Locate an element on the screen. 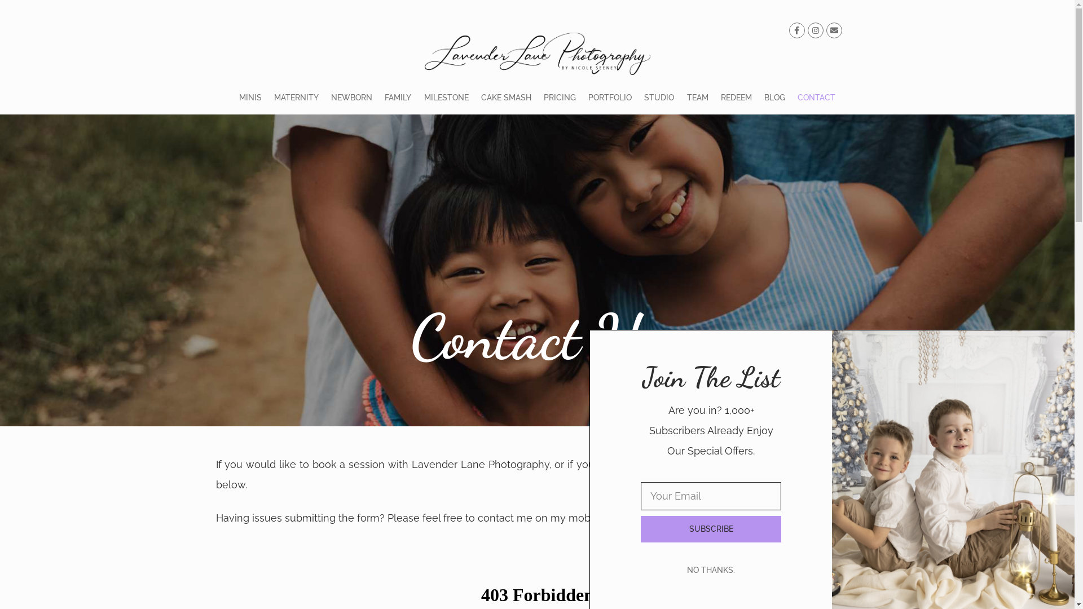 This screenshot has height=609, width=1083. 'MILESTONE' is located at coordinates (445, 97).